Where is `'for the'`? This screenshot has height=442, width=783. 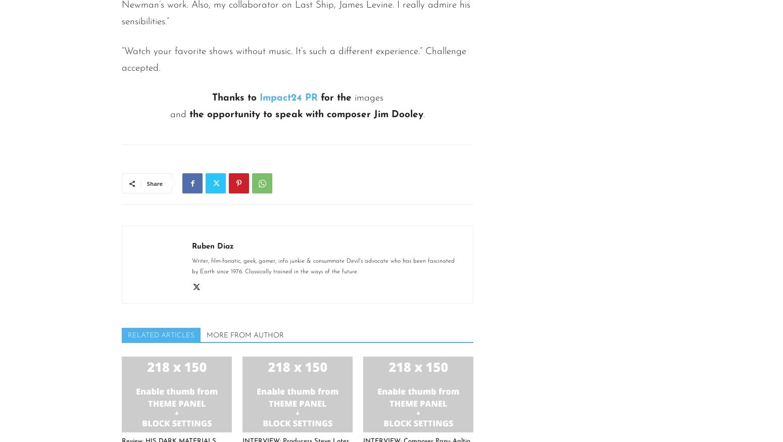 'for the' is located at coordinates (335, 98).